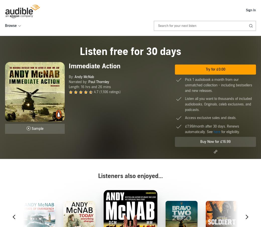  Describe the element at coordinates (215, 142) in the screenshot. I see `'Buy Now for £16.99'` at that location.